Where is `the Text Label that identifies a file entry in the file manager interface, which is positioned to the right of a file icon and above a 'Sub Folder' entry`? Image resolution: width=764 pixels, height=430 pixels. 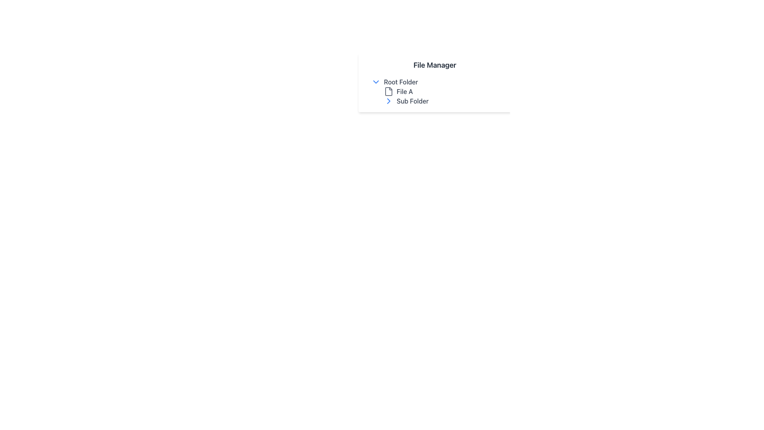
the Text Label that identifies a file entry in the file manager interface, which is positioned to the right of a file icon and above a 'Sub Folder' entry is located at coordinates (405, 91).